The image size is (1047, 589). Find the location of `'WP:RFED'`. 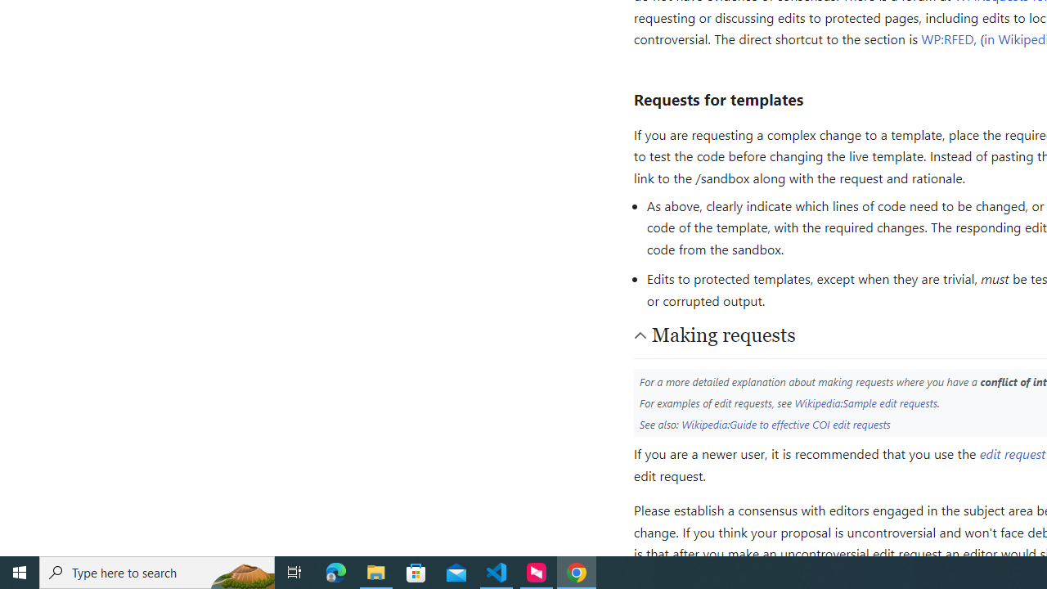

'WP:RFED' is located at coordinates (947, 38).